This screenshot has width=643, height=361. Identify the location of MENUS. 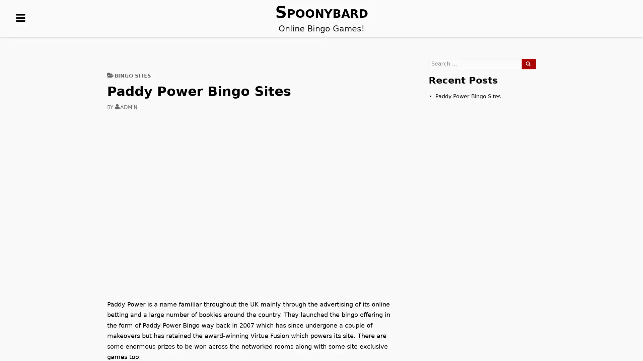
(21, 28).